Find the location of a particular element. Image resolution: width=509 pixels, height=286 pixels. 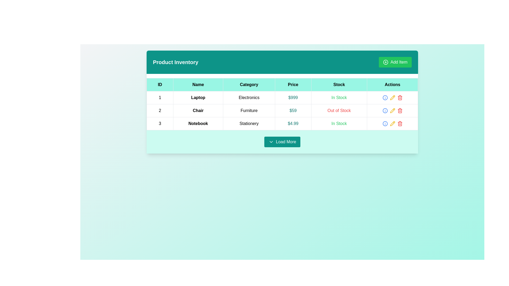

the 'Actions' table header cell, which is the sixth column header is located at coordinates (392, 84).